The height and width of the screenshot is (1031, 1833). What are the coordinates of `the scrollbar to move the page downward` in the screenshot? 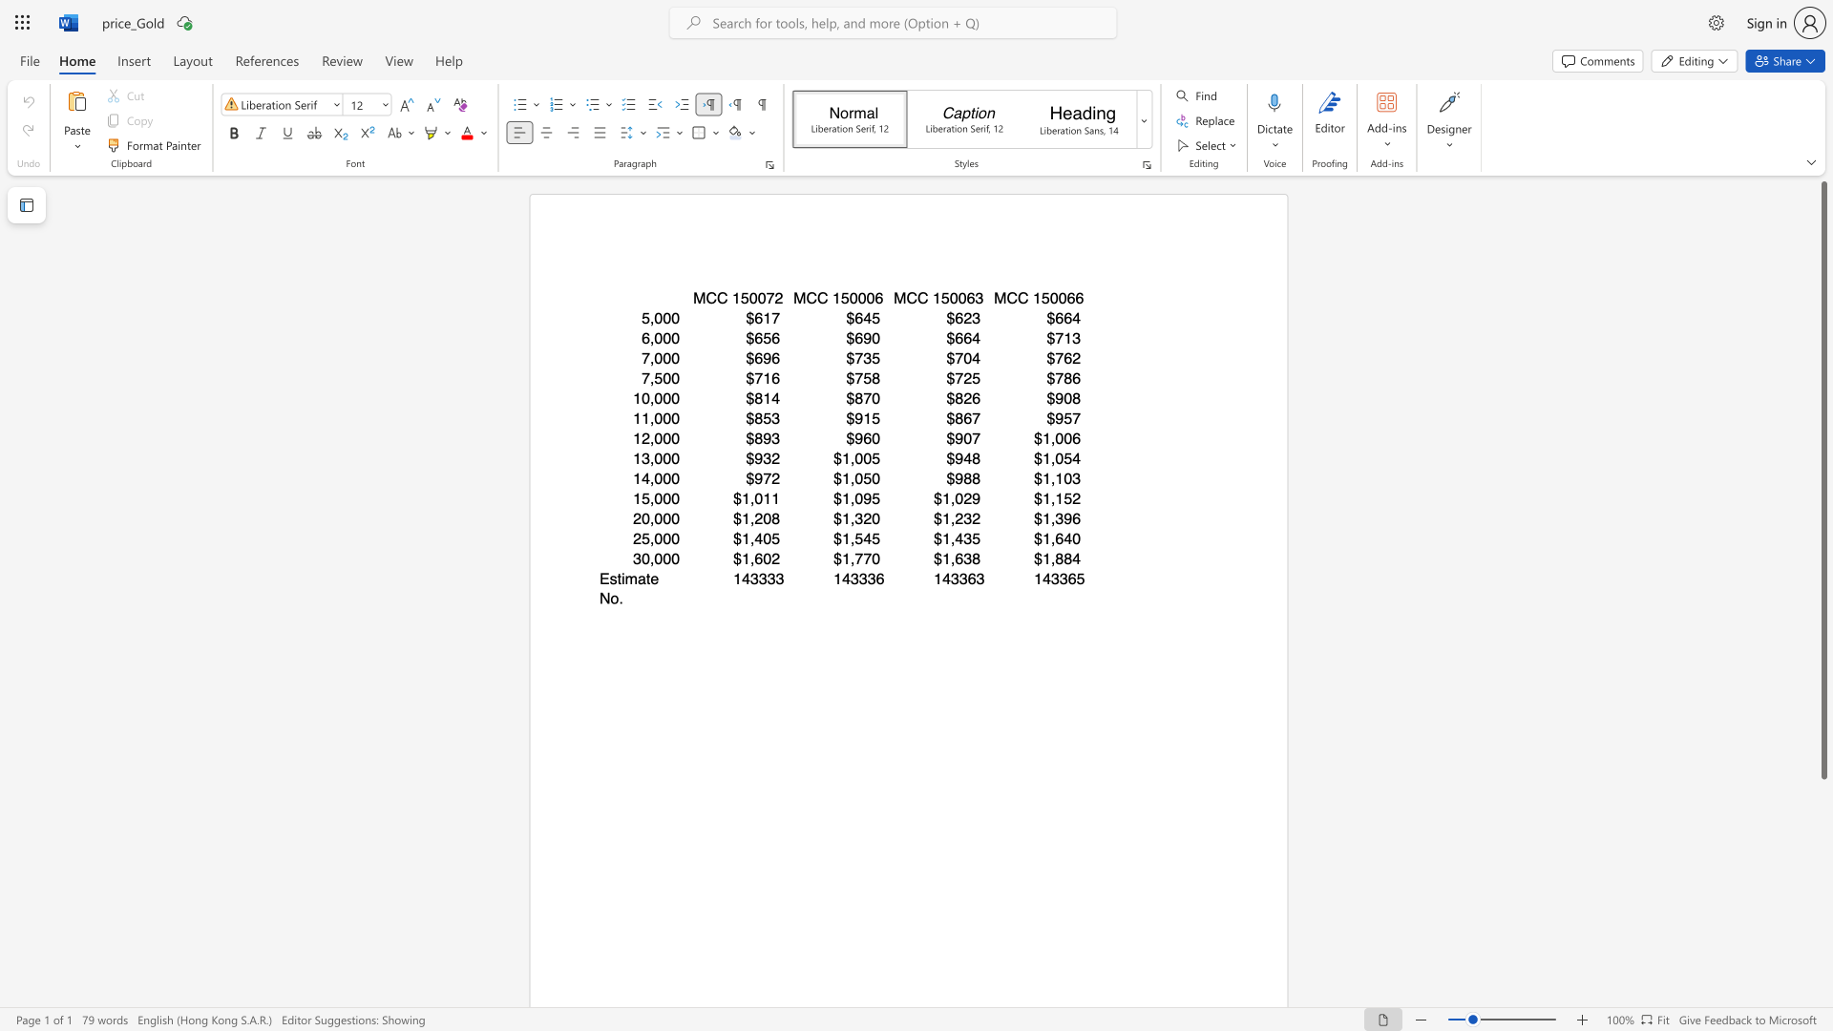 It's located at (1822, 869).